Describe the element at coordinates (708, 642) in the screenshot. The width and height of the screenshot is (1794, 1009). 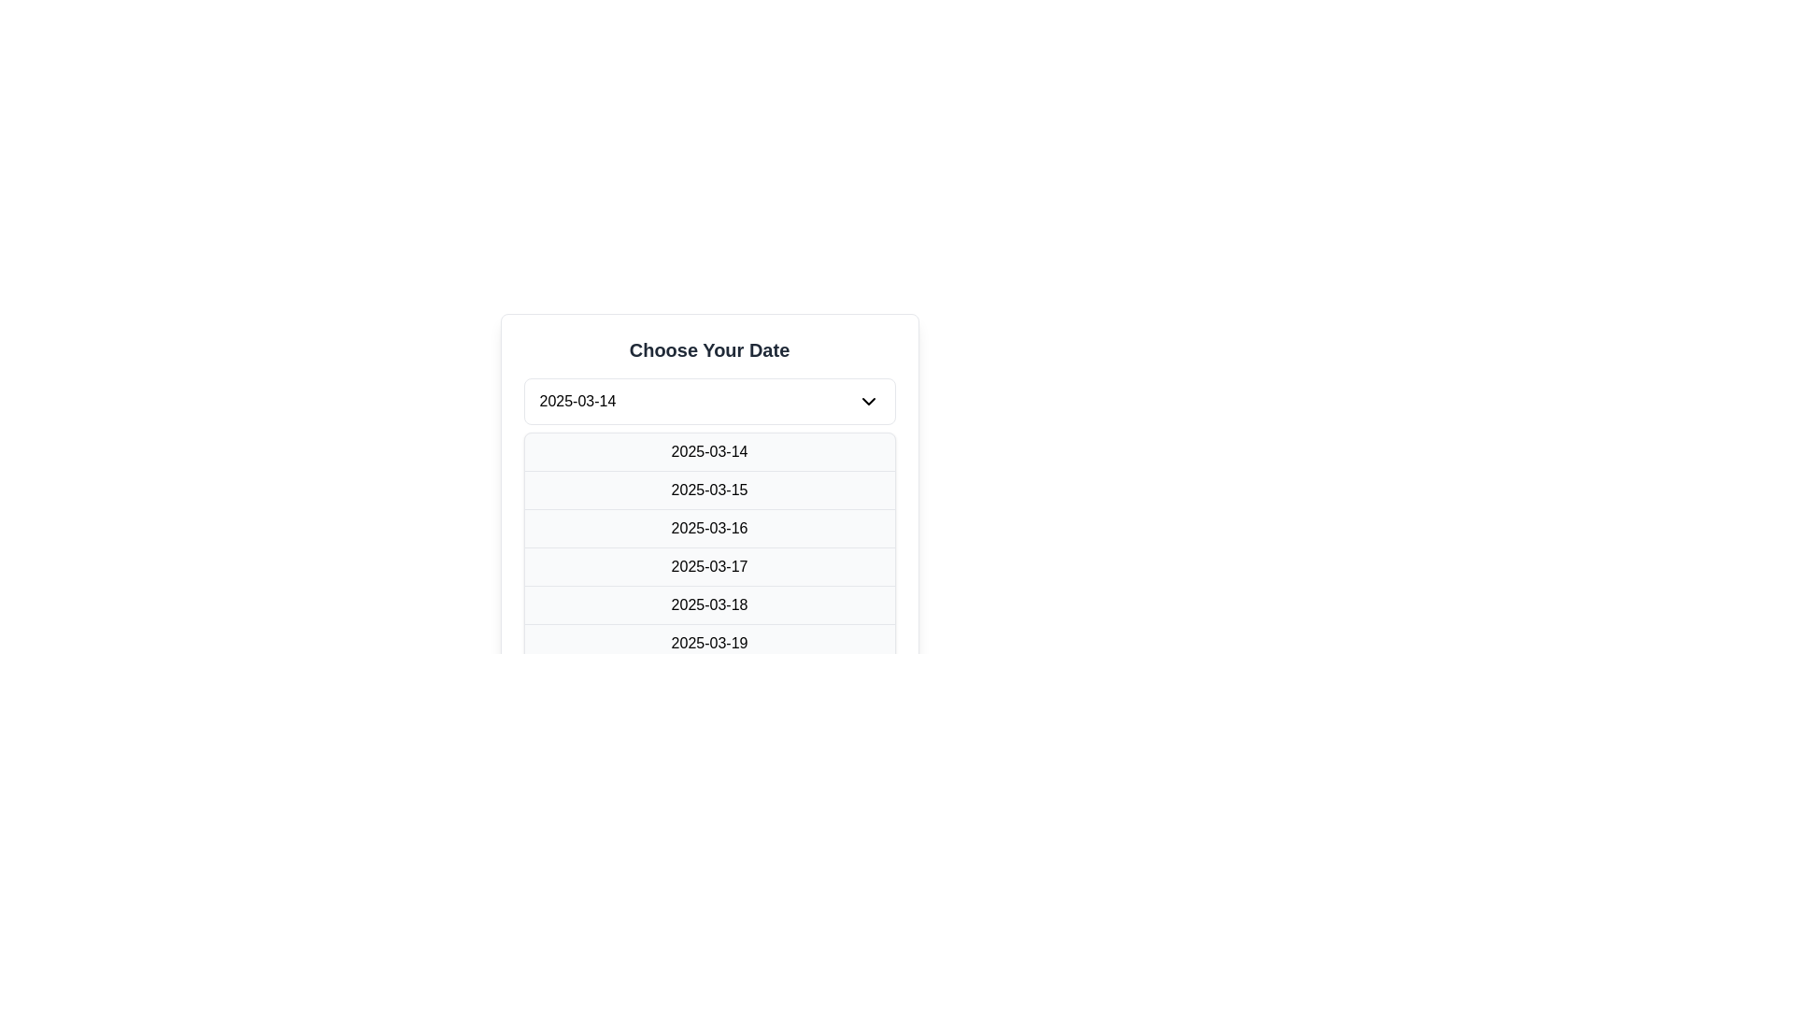
I see `the sixth date option in the date picker list` at that location.